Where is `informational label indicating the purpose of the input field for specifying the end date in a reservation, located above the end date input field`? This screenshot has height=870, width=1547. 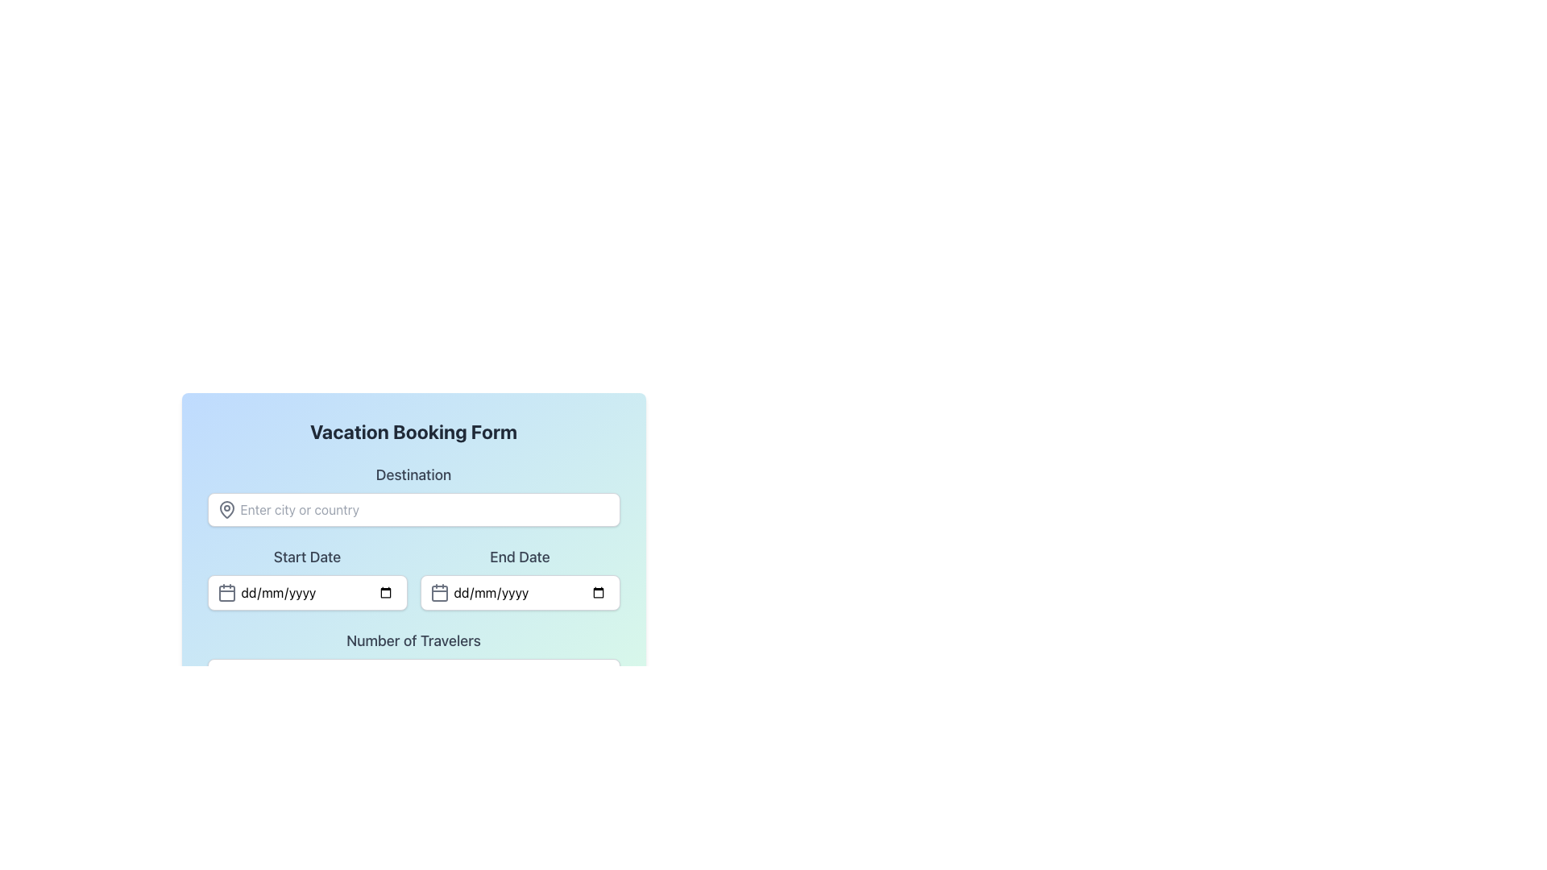
informational label indicating the purpose of the input field for specifying the end date in a reservation, located above the end date input field is located at coordinates (520, 556).